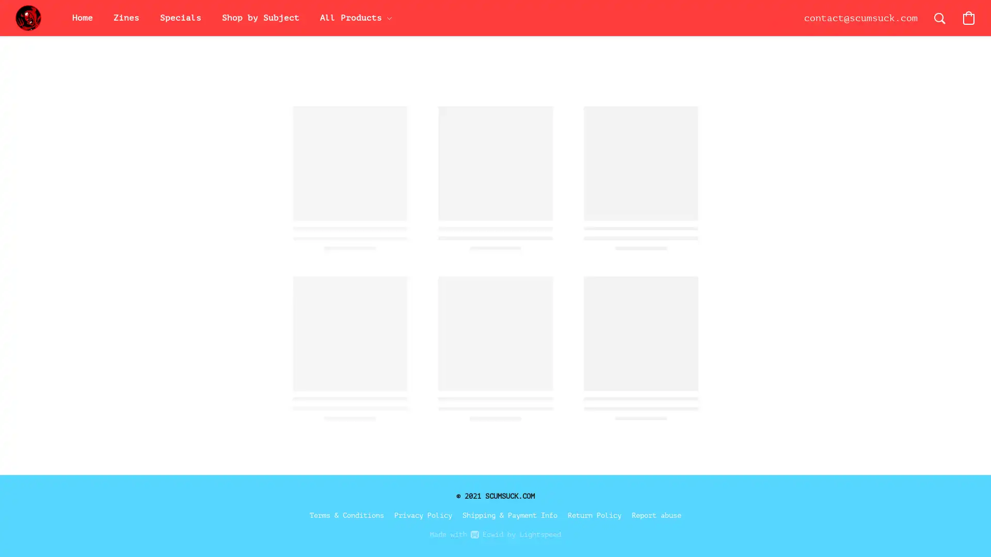 The height and width of the screenshot is (557, 991). I want to click on Upload image (optional), so click(646, 298).